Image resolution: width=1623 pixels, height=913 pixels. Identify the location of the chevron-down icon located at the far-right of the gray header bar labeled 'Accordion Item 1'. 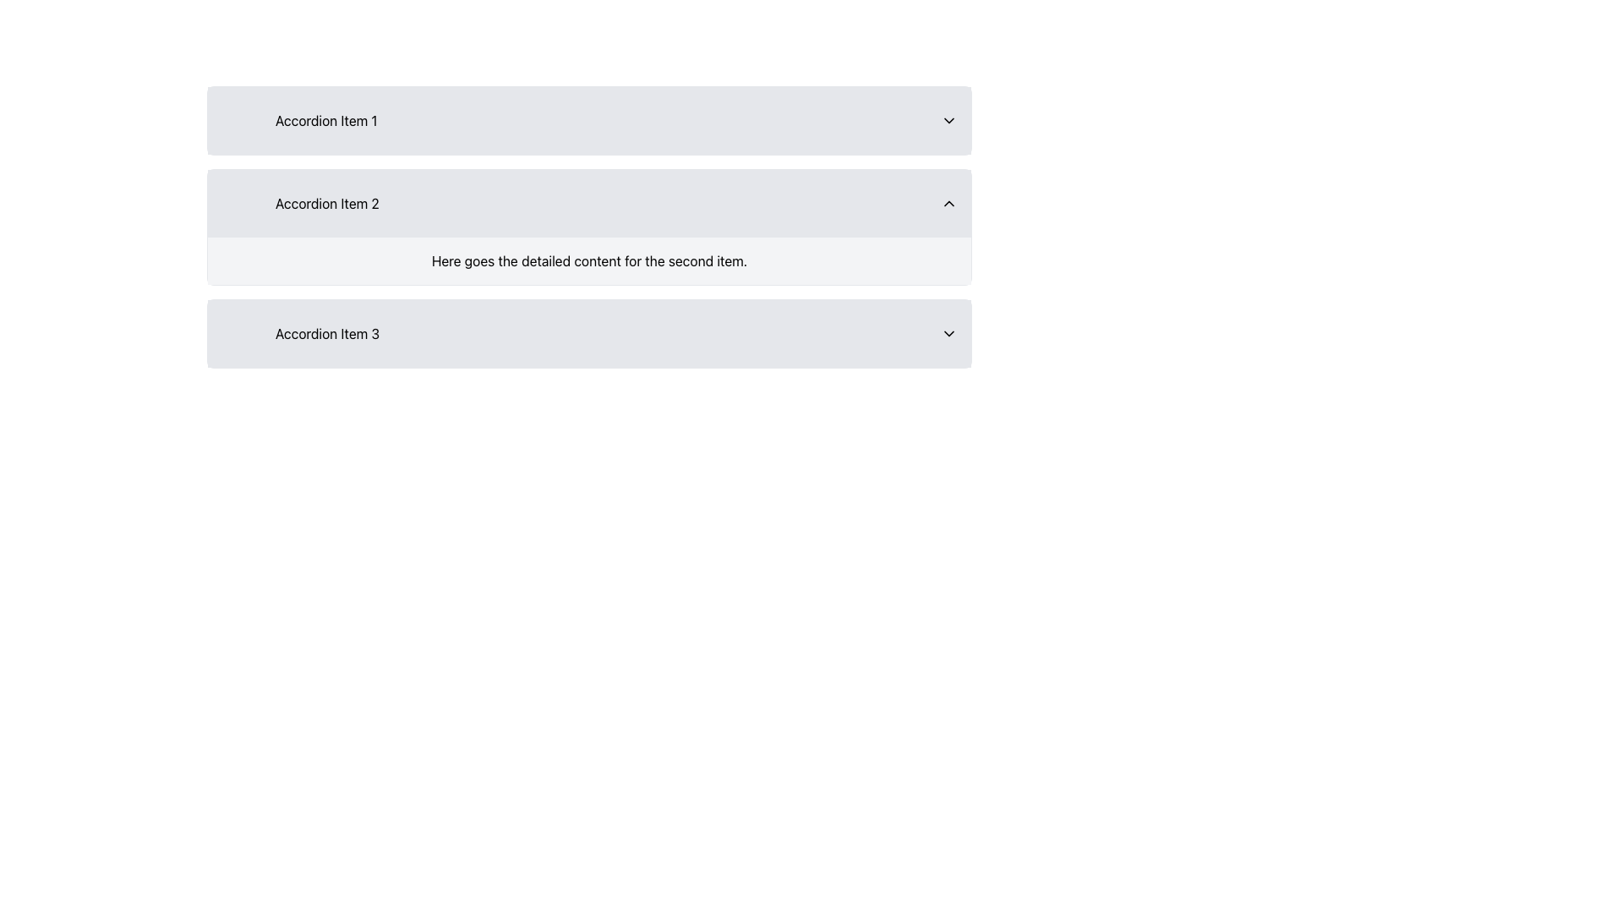
(949, 119).